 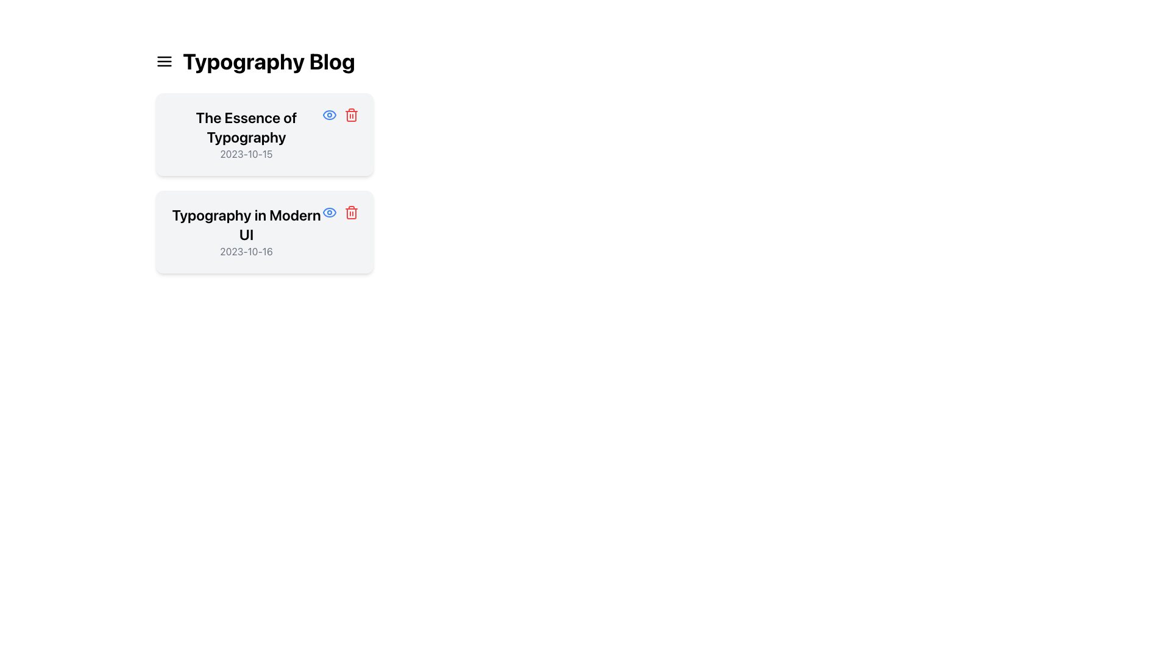 I want to click on the Header block containing the text 'The Essence of Typography' and the date '2023-10-15', which is styled prominently and is the first item in a vertical list of cards, so click(x=264, y=134).